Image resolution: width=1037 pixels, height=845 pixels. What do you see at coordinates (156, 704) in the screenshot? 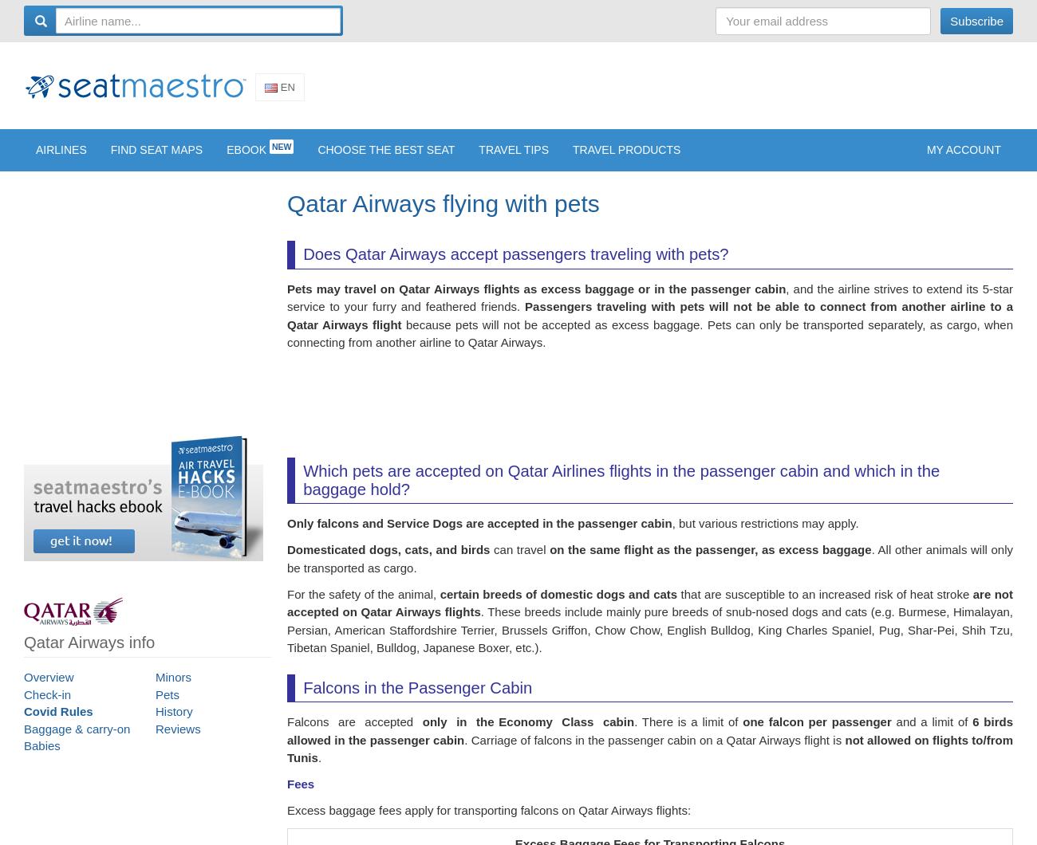
I see `'Pets'` at bounding box center [156, 704].